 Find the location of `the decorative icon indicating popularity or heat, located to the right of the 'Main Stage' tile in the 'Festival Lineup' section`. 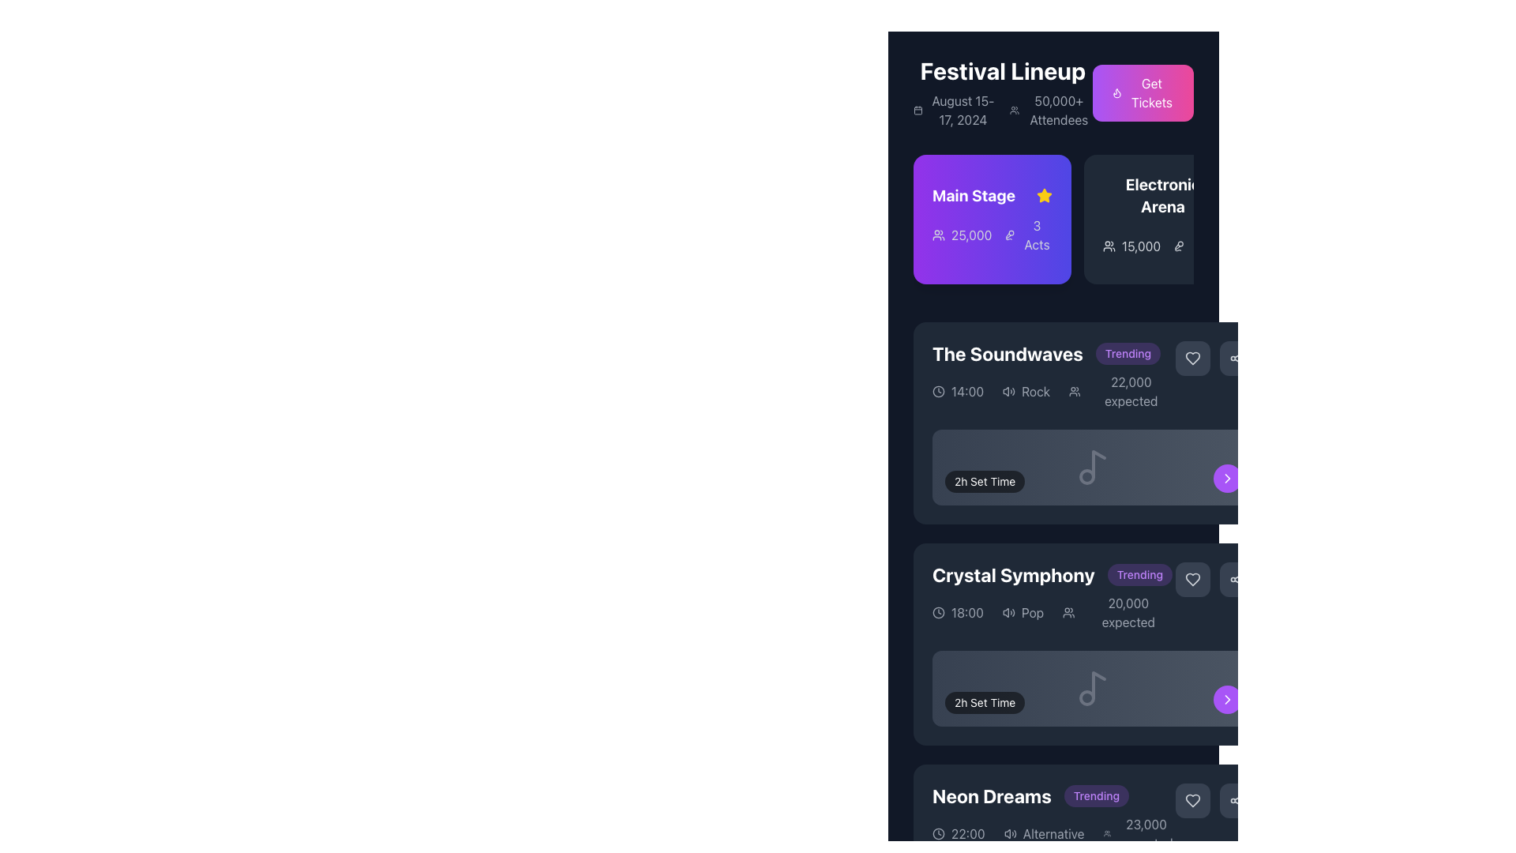

the decorative icon indicating popularity or heat, located to the right of the 'Main Stage' tile in the 'Festival Lineup' section is located at coordinates (1116, 93).